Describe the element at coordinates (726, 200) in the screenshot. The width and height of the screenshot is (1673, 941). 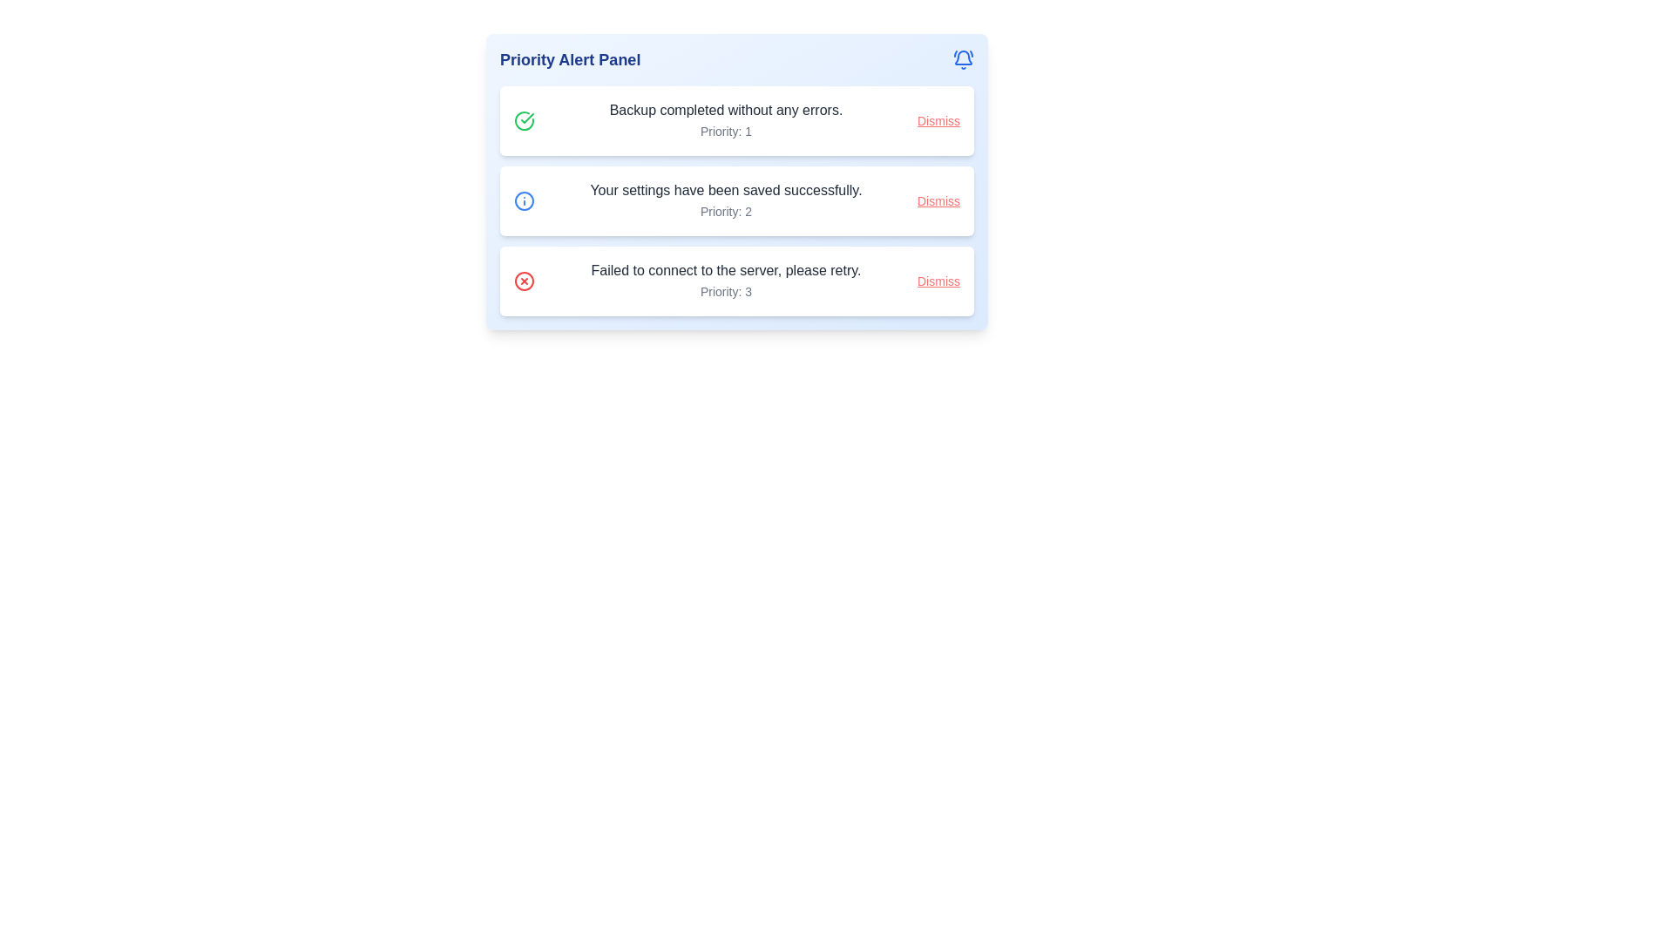
I see `informational text block that notifies users about the successful saving of settings with a priority level of '2', positioned below the 'Backup completed without any errors.' message` at that location.